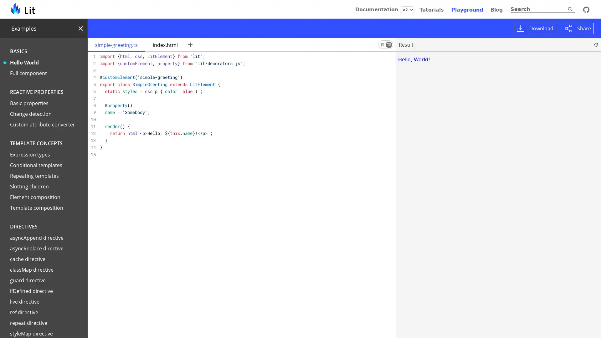  Describe the element at coordinates (190, 44) in the screenshot. I see `New file` at that location.